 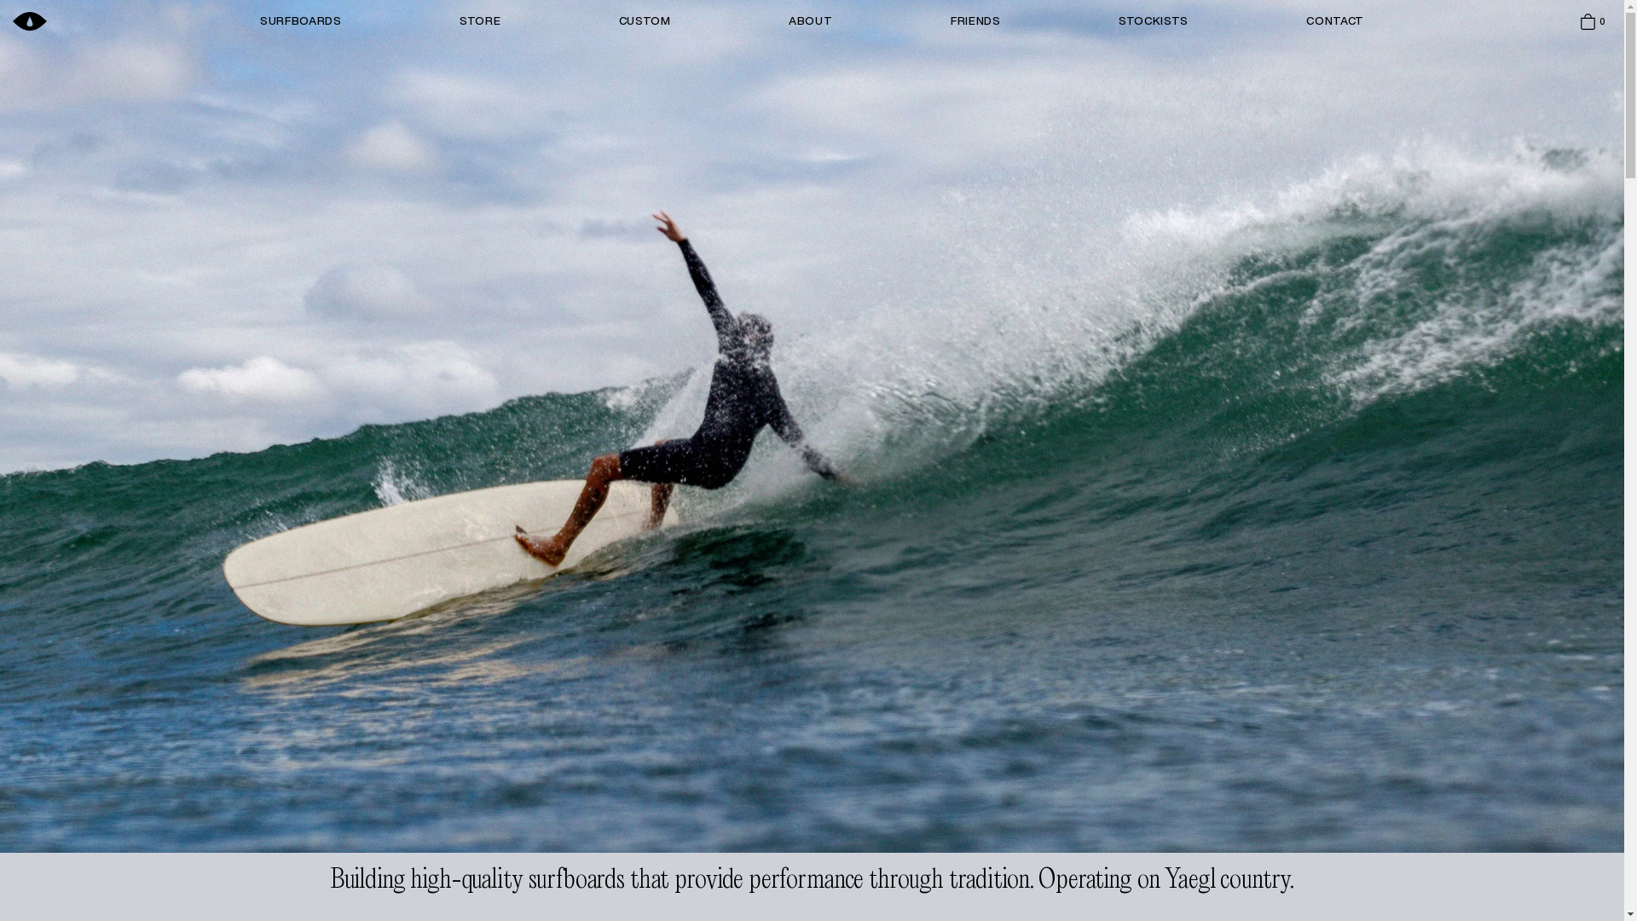 I want to click on 'FRIENDS', so click(x=975, y=20).